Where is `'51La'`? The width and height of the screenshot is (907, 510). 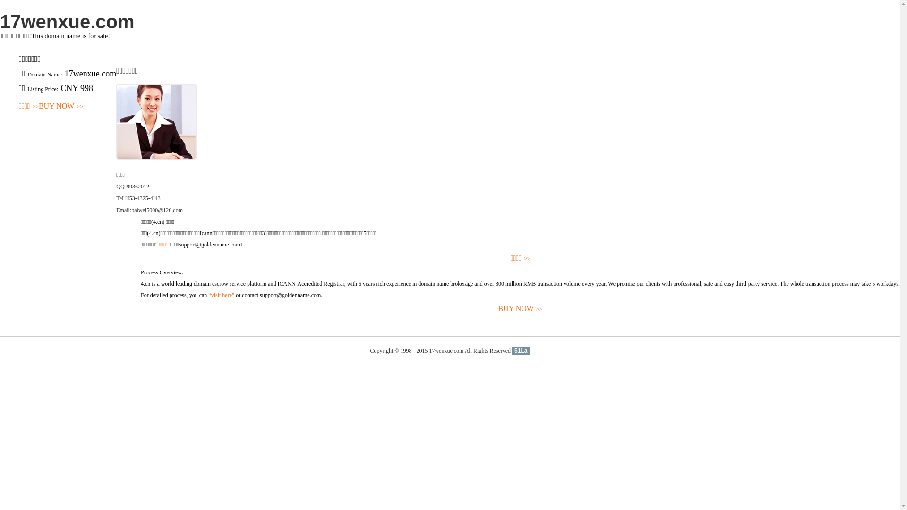 '51La' is located at coordinates (512, 351).